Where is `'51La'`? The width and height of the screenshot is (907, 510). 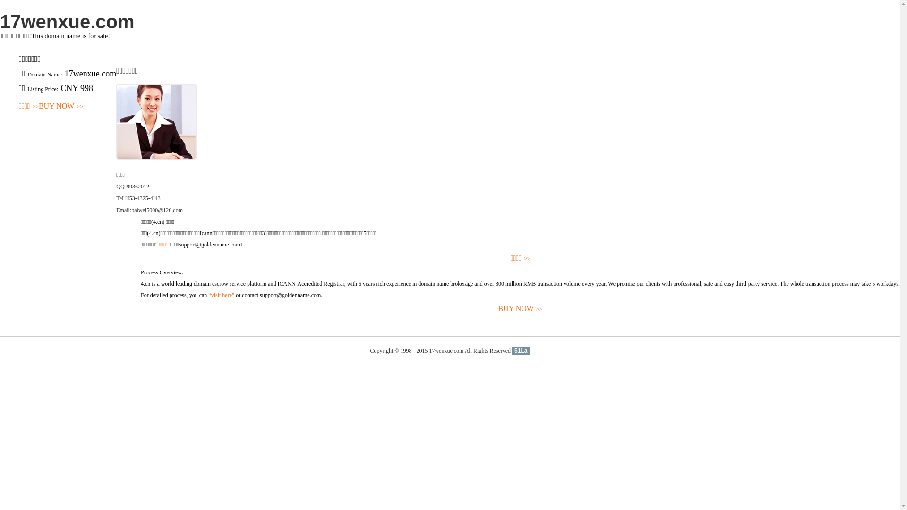 '51La' is located at coordinates (512, 351).